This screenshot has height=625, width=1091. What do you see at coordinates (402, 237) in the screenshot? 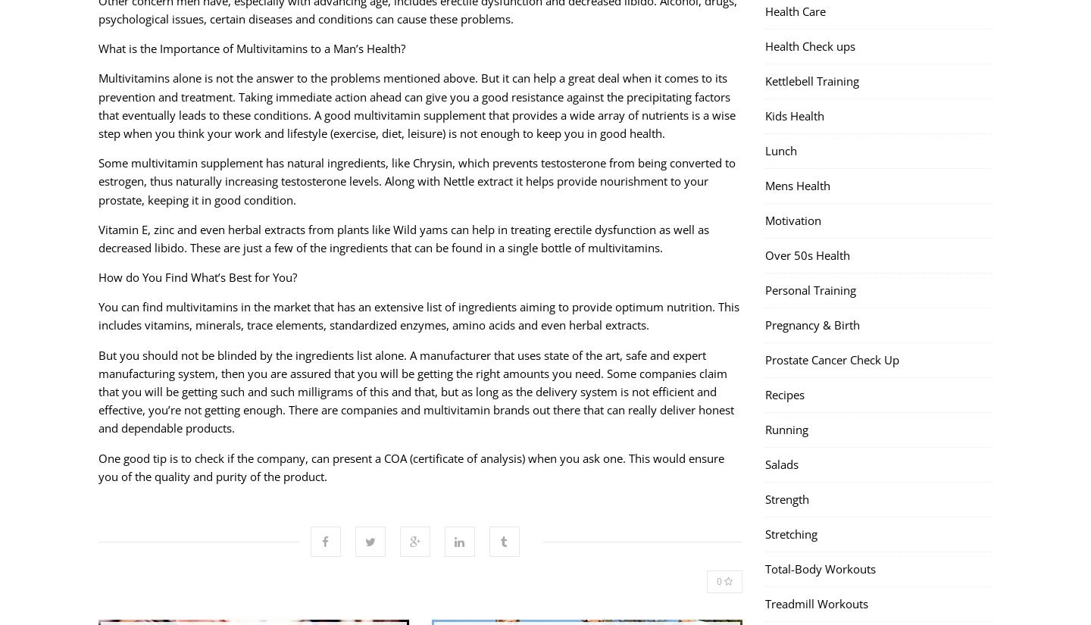
I see `'Vitamin E, zinc and even herbal extracts from plants like Wild yams can help in treating erectile dysfunction as well as decreased libido. These are just a few of the ingredients that can be found in a single bottle of multivitamins.'` at bounding box center [402, 237].